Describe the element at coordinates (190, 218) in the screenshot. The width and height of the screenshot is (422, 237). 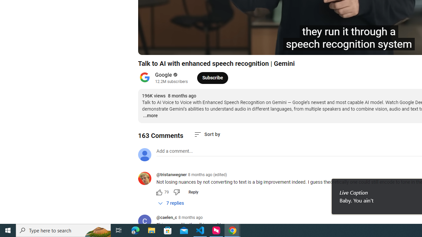
I see `'8 months ago'` at that location.